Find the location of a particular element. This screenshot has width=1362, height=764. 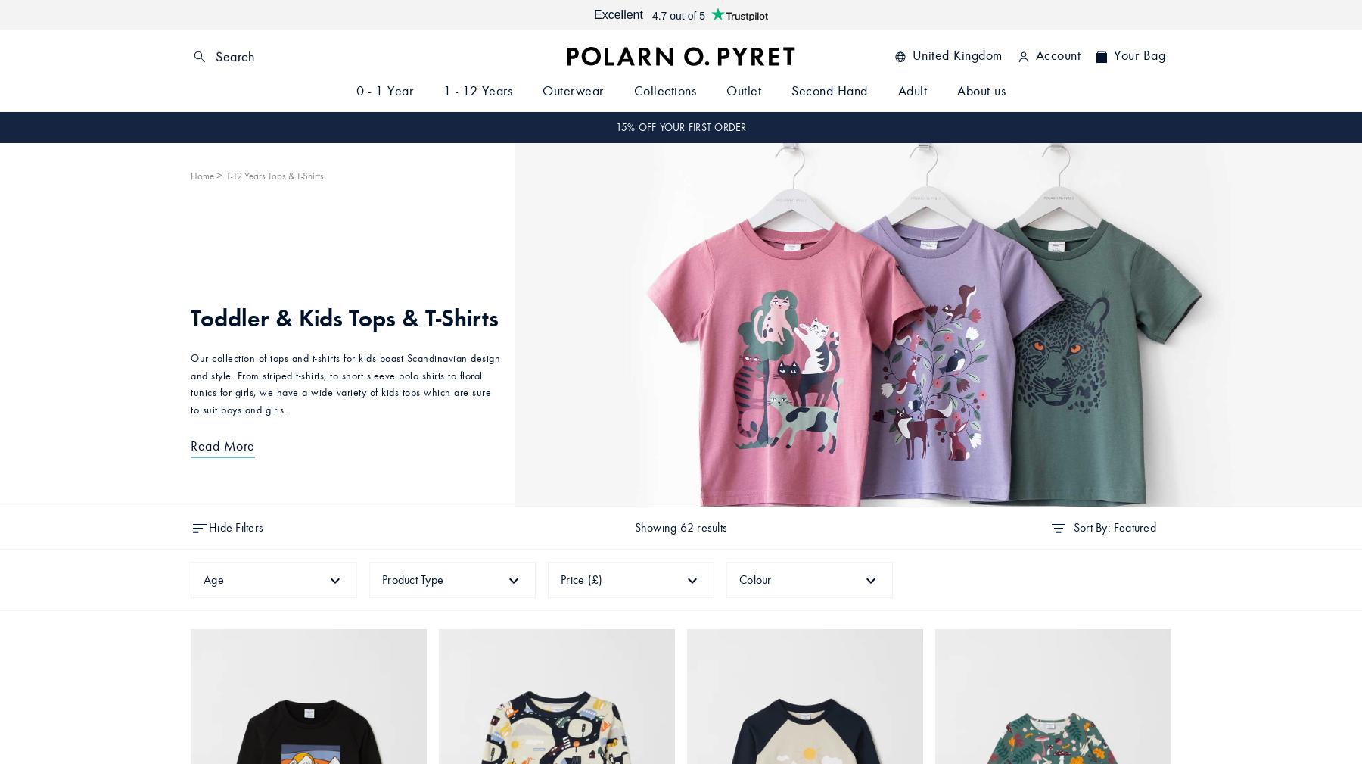

'0' is located at coordinates (1099, 55).